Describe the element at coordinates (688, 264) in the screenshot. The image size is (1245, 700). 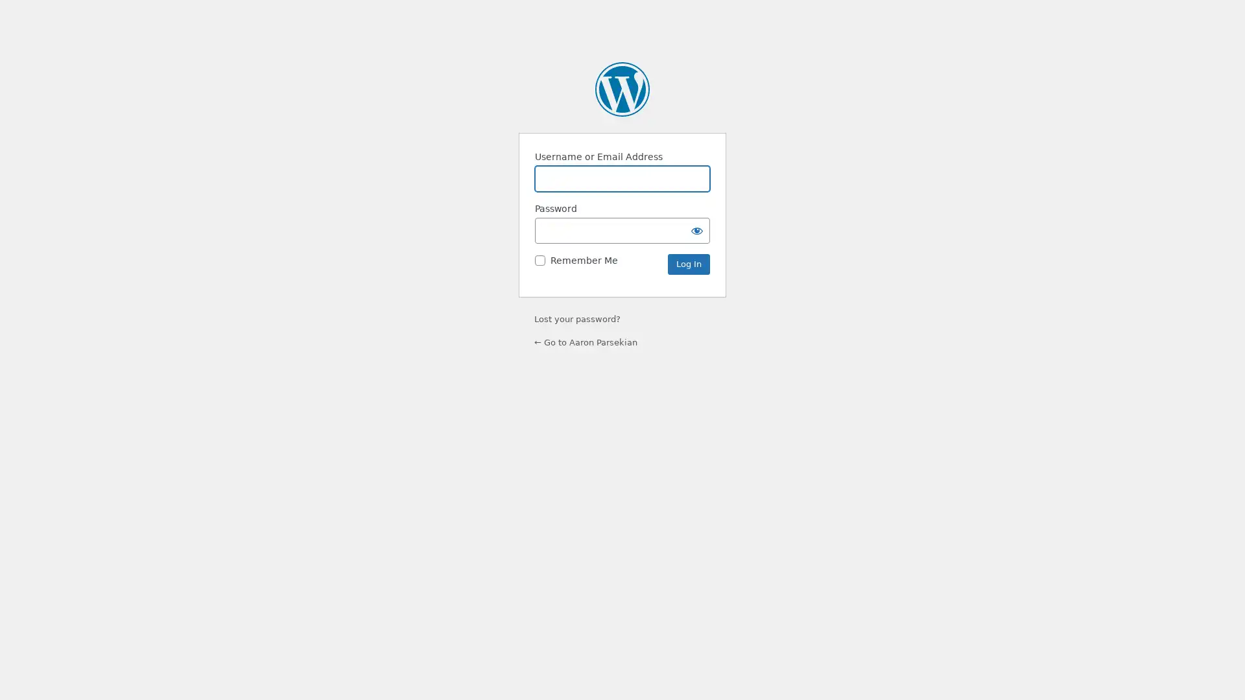
I see `Log In` at that location.